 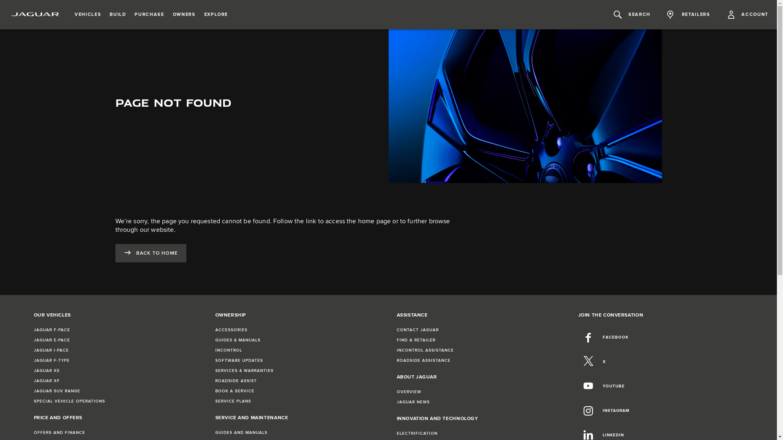 I want to click on 'GUIDES AND MANUALS', so click(x=215, y=432).